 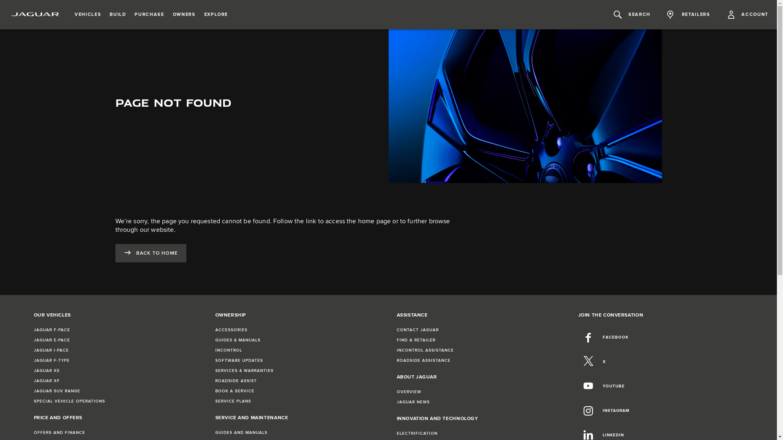 I want to click on 'GUIDES AND MANUALS', so click(x=215, y=432).